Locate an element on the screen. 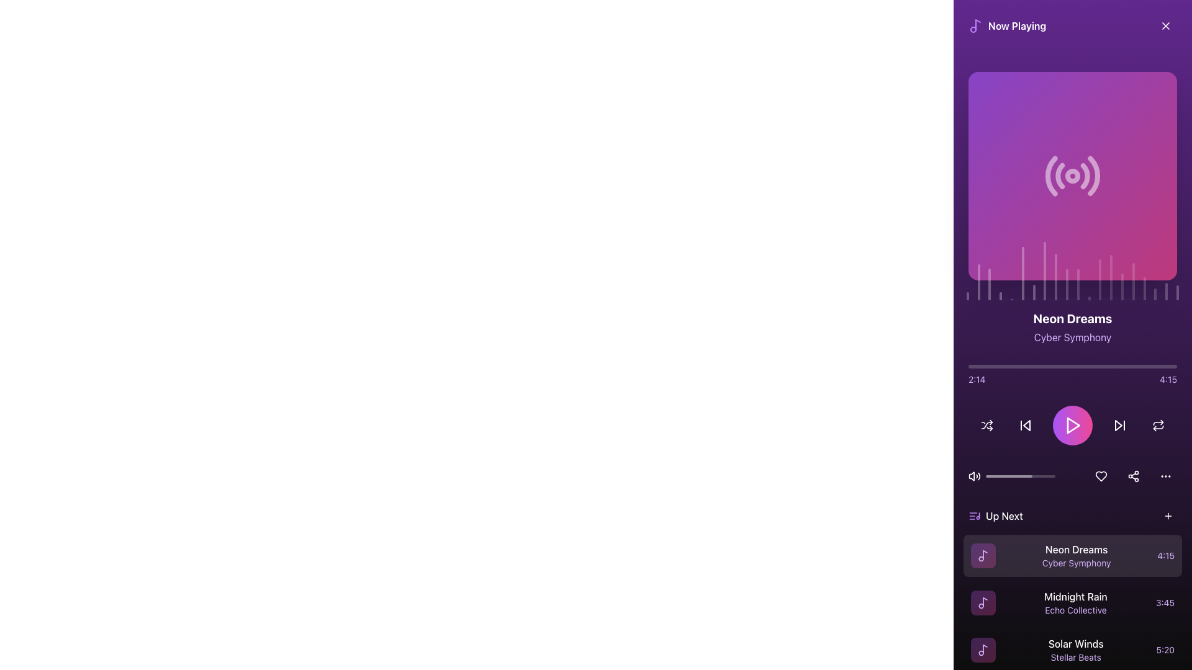 This screenshot has width=1192, height=670. the '+' icon button located in the 'Up Next' section of the application is located at coordinates (1167, 516).